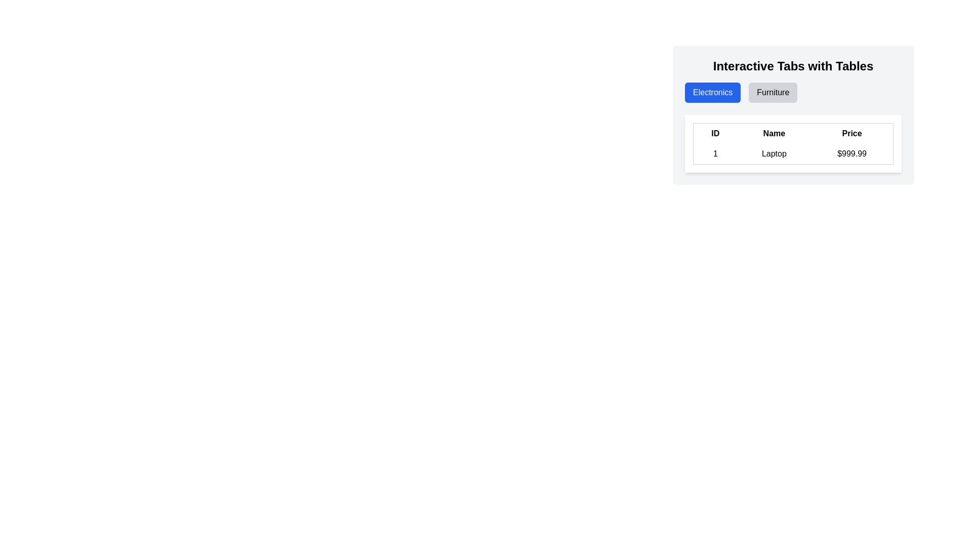 The image size is (972, 547). What do you see at coordinates (715, 133) in the screenshot?
I see `the leftmost text label in the header row of the table, which indicates that the column below contains identifiers` at bounding box center [715, 133].